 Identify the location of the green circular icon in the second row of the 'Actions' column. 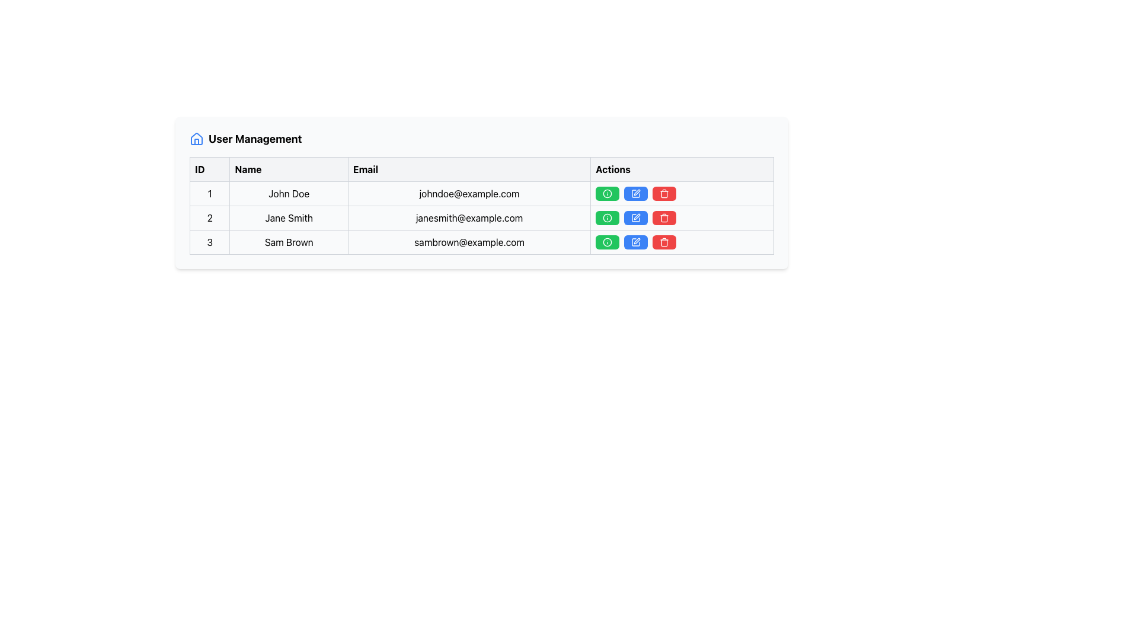
(608, 241).